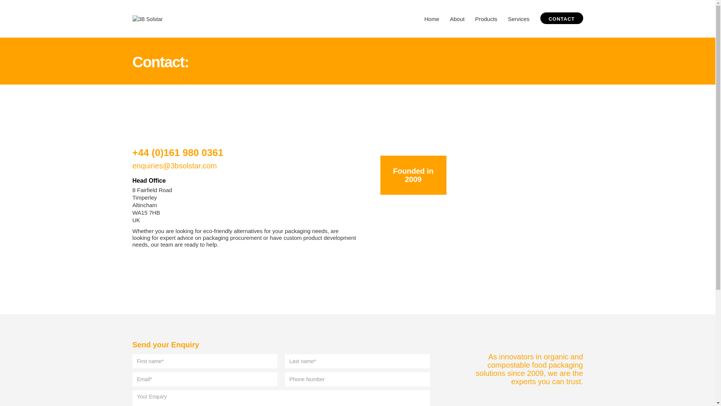 This screenshot has width=721, height=406. I want to click on 'Home', so click(432, 18).